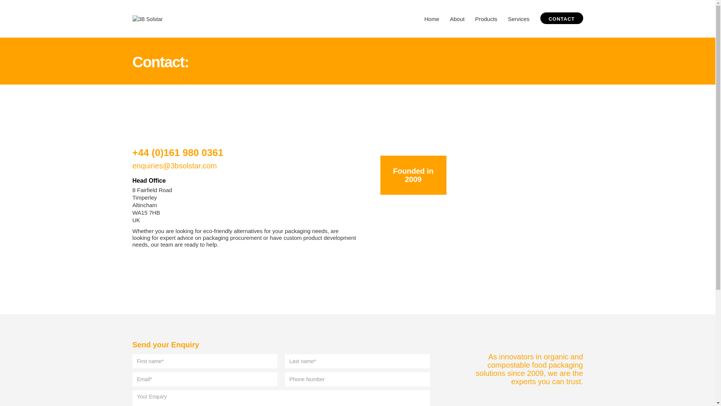 This screenshot has width=721, height=406. I want to click on 'Home', so click(432, 18).